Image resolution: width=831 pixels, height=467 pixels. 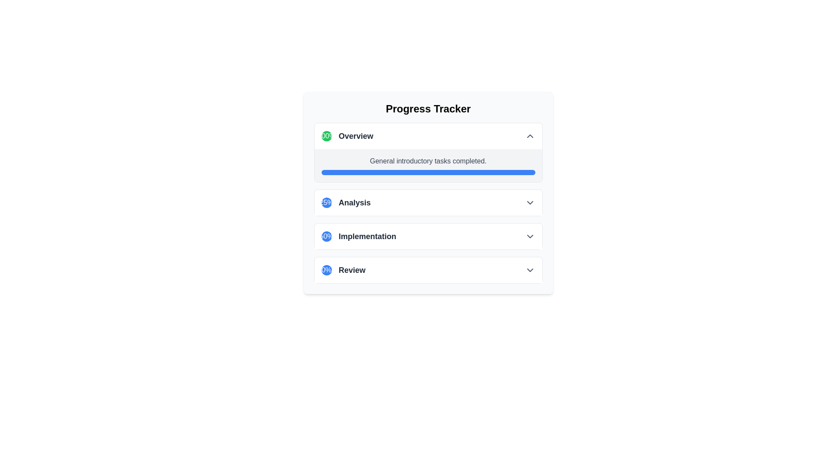 I want to click on the small circular icon with a blue background and '50%' text, located in the 'Implementation' section of the progress tracker interface, so click(x=326, y=237).